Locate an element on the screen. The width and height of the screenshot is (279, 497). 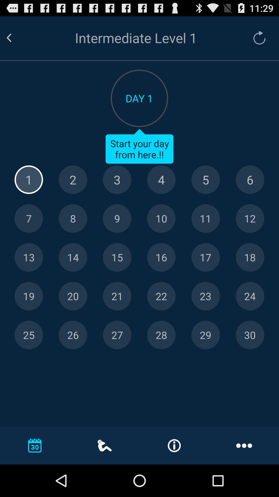
refresh is located at coordinates (257, 38).